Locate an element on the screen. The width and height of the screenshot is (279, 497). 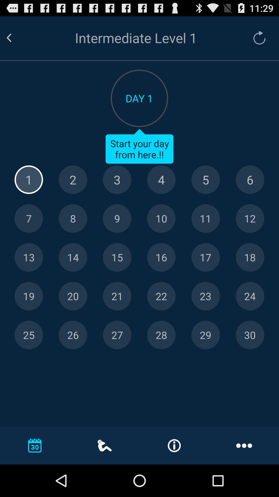
refresh is located at coordinates (257, 38).